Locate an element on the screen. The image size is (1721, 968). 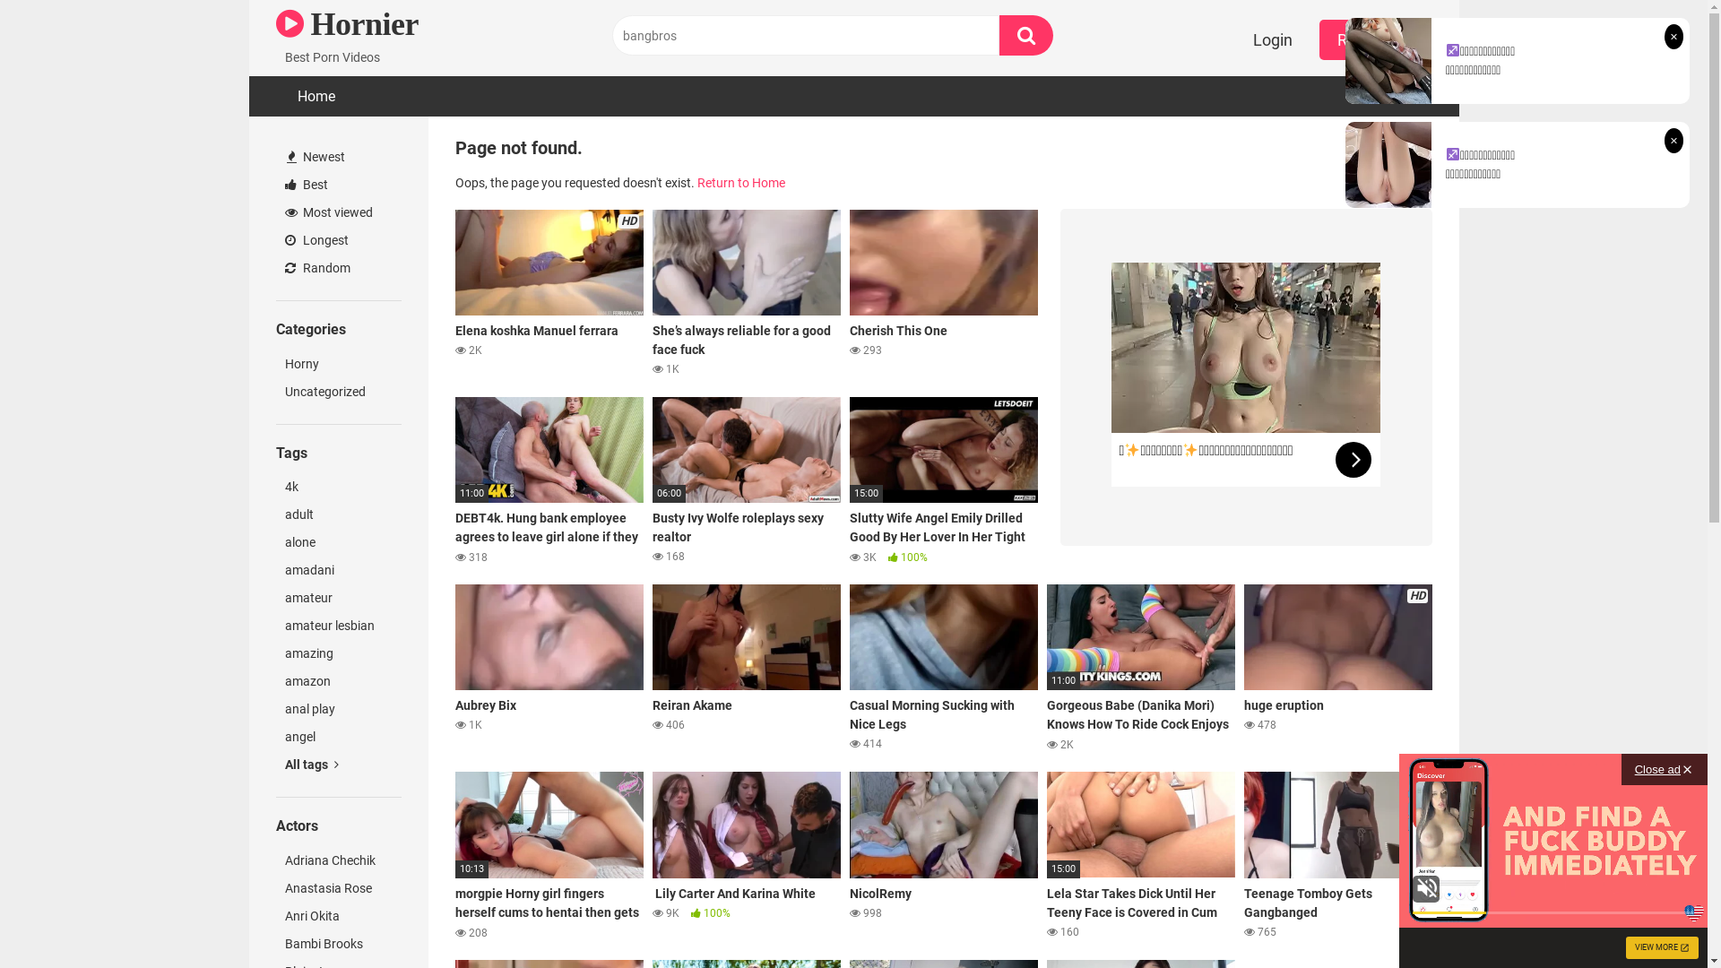
'amateur lesbian' is located at coordinates (339, 625).